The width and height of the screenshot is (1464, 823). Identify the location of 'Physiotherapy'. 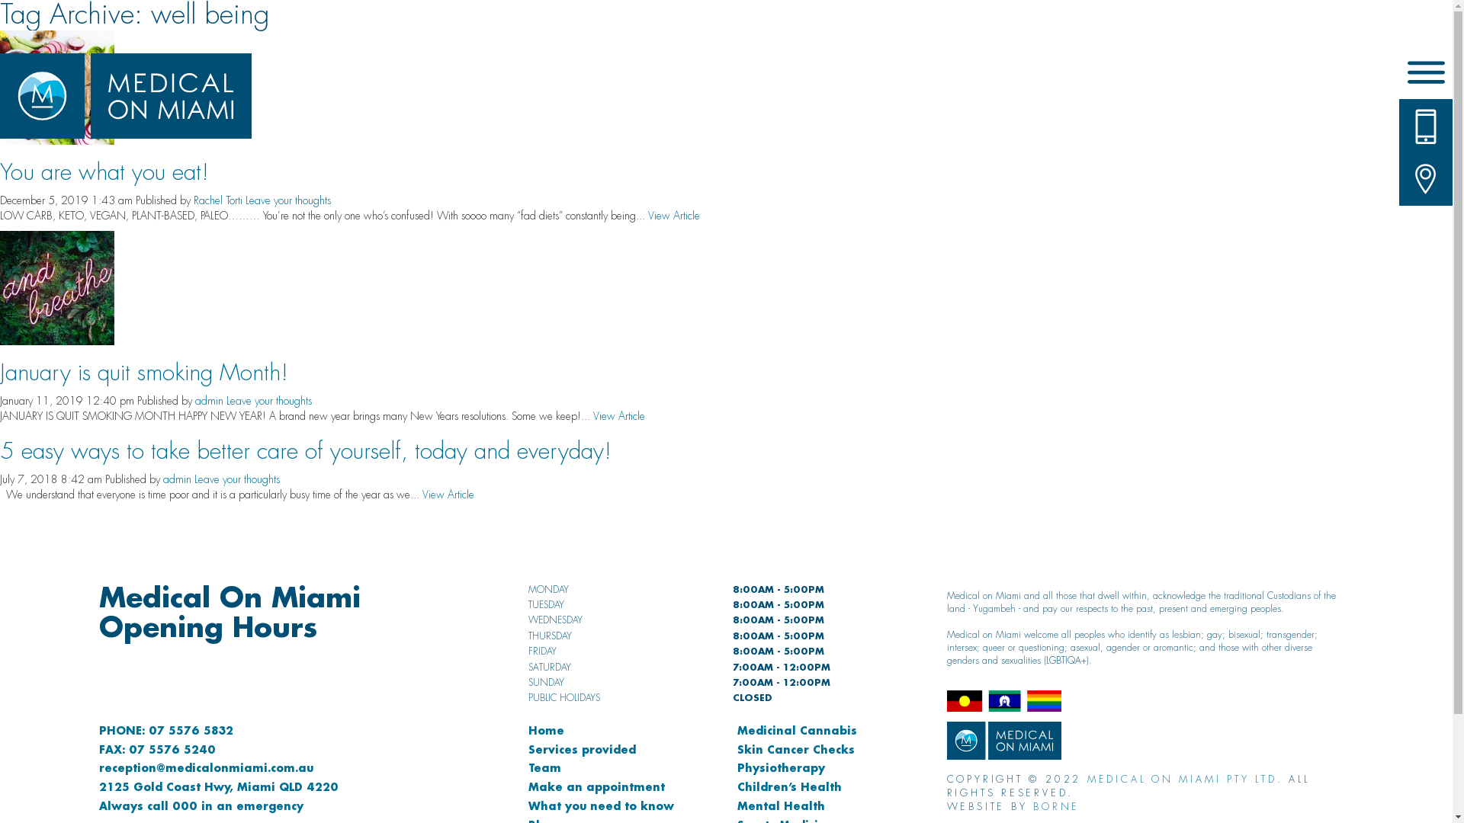
(781, 767).